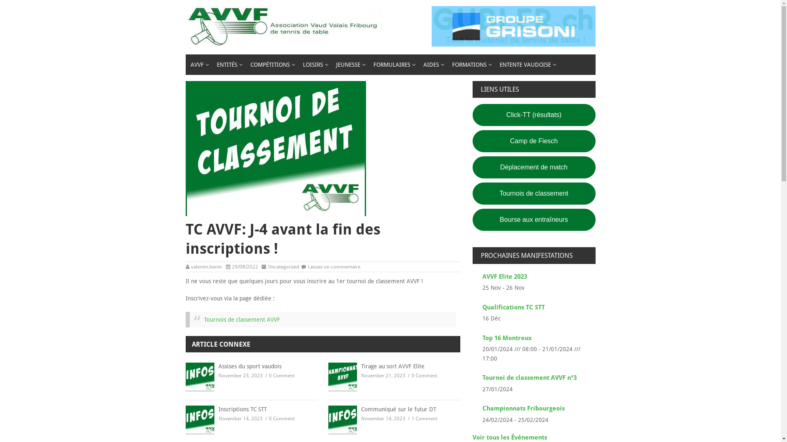  Describe the element at coordinates (533, 194) in the screenshot. I see `'Tournois de classement'` at that location.